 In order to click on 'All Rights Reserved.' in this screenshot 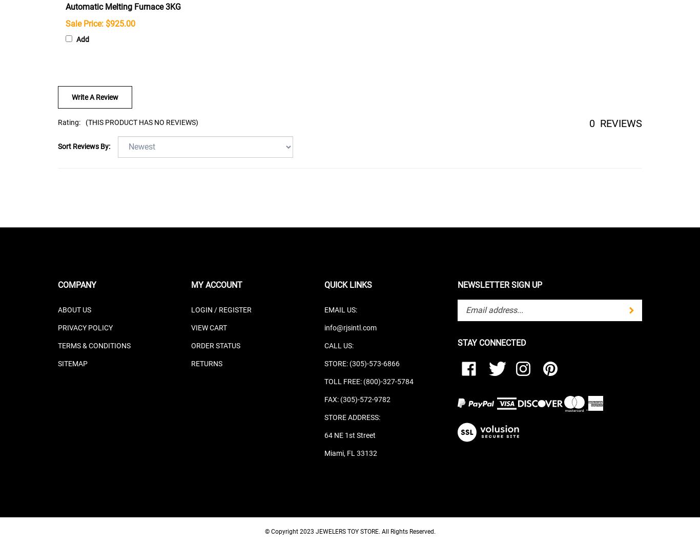, I will do `click(408, 531)`.